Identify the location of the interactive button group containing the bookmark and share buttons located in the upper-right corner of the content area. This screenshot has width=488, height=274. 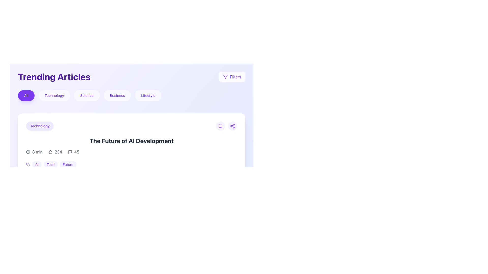
(226, 126).